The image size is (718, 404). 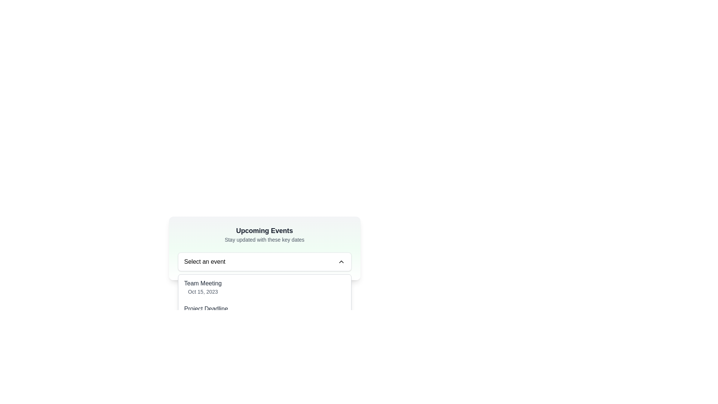 I want to click on the text element labeled 'Project Deadline' with the date 'Oct 20, 2023', which is the second item in the dropdown menu under 'Upcoming Events', so click(x=206, y=313).